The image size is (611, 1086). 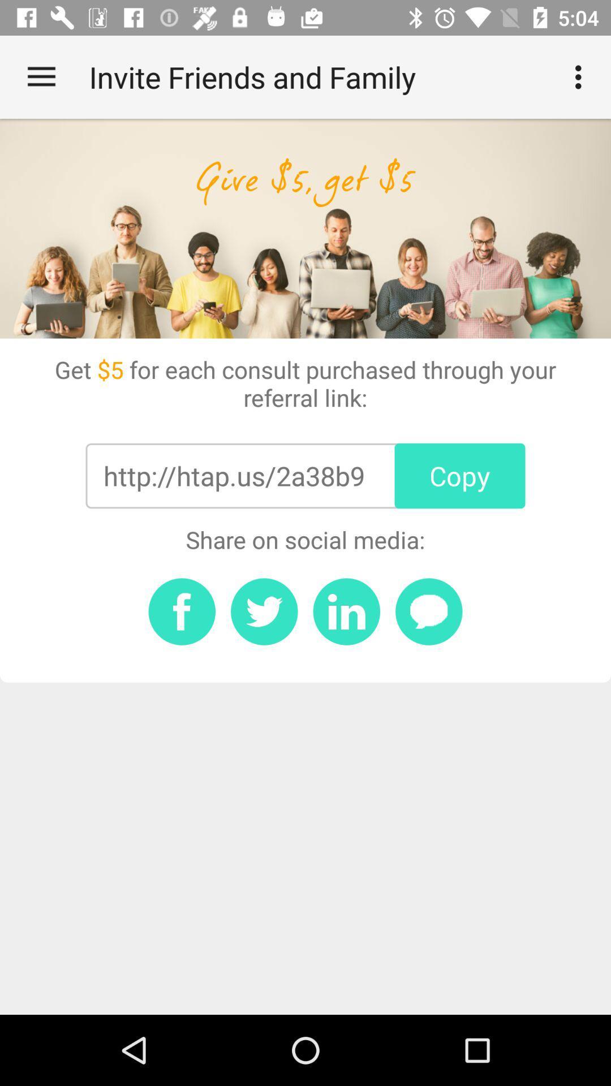 I want to click on share in a message, so click(x=429, y=611).